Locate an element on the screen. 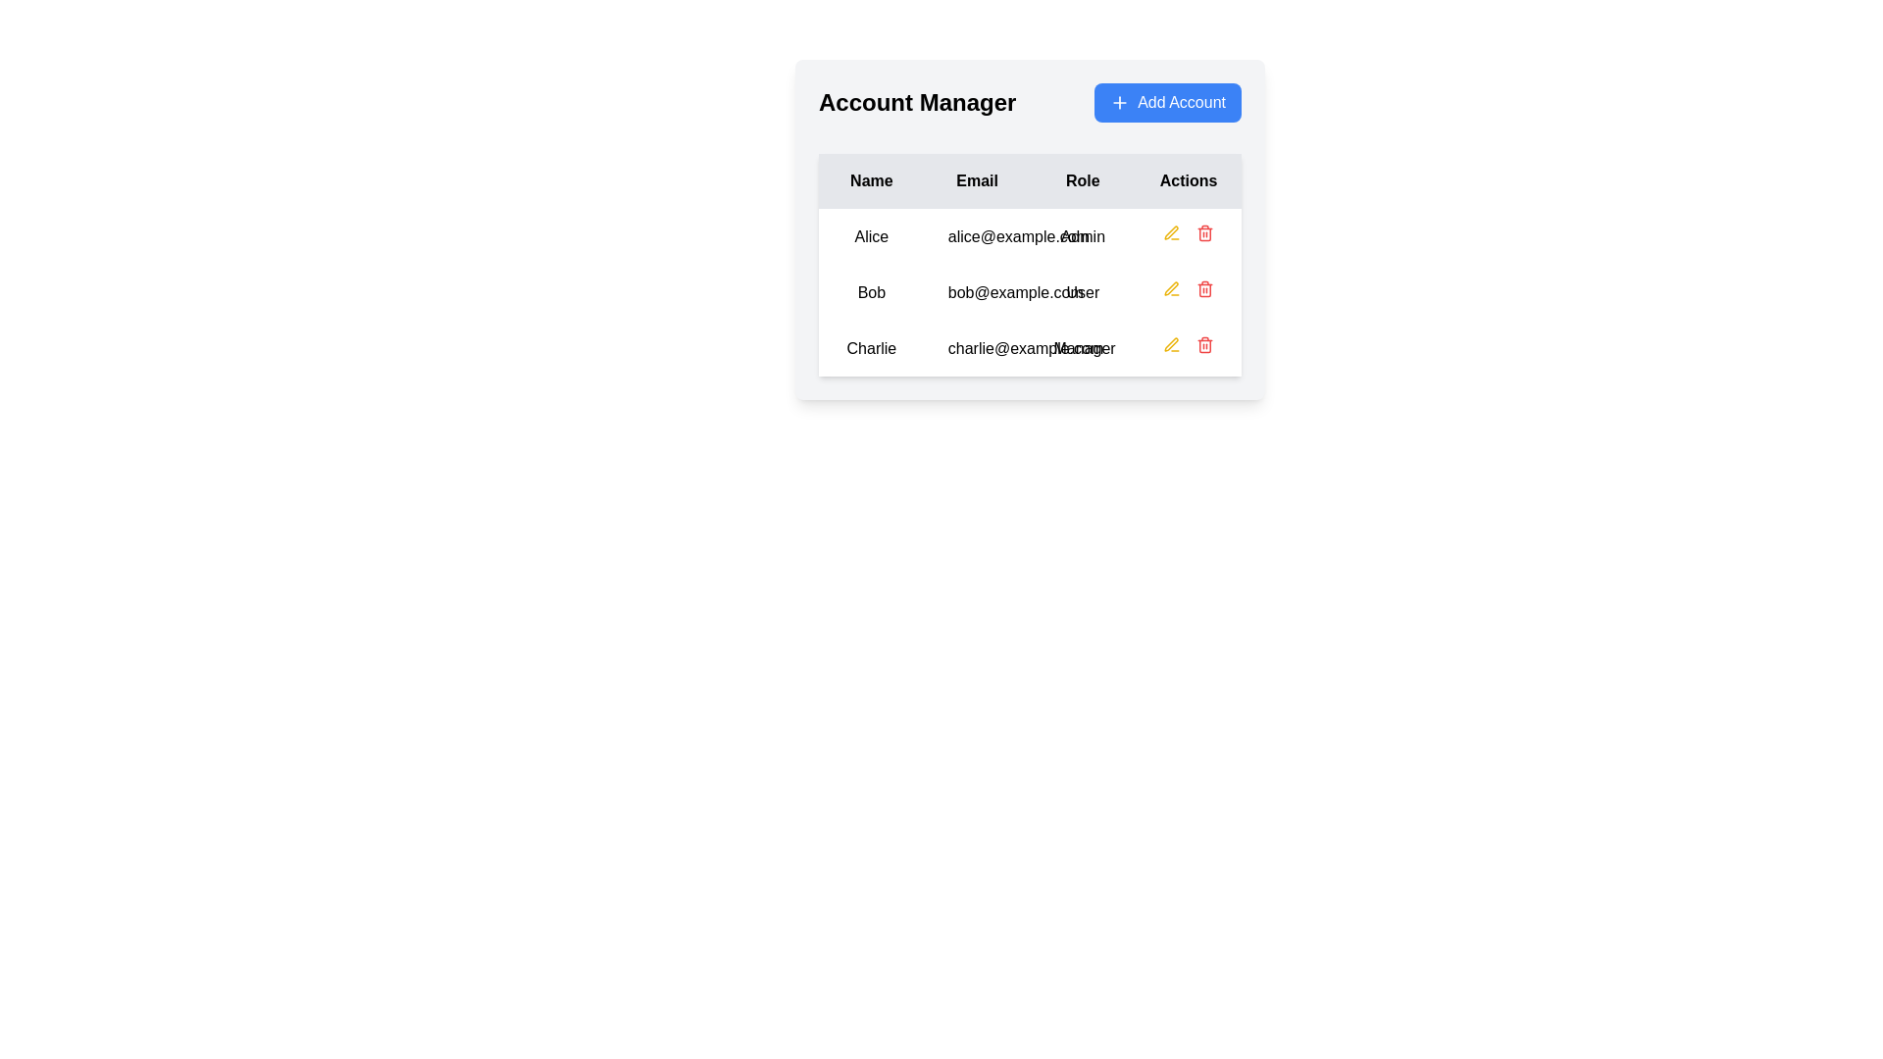 This screenshot has height=1059, width=1883. the Text label displaying the name 'Charlie' located in the leftmost column of the third row in the table under the 'Name' column is located at coordinates (870, 347).